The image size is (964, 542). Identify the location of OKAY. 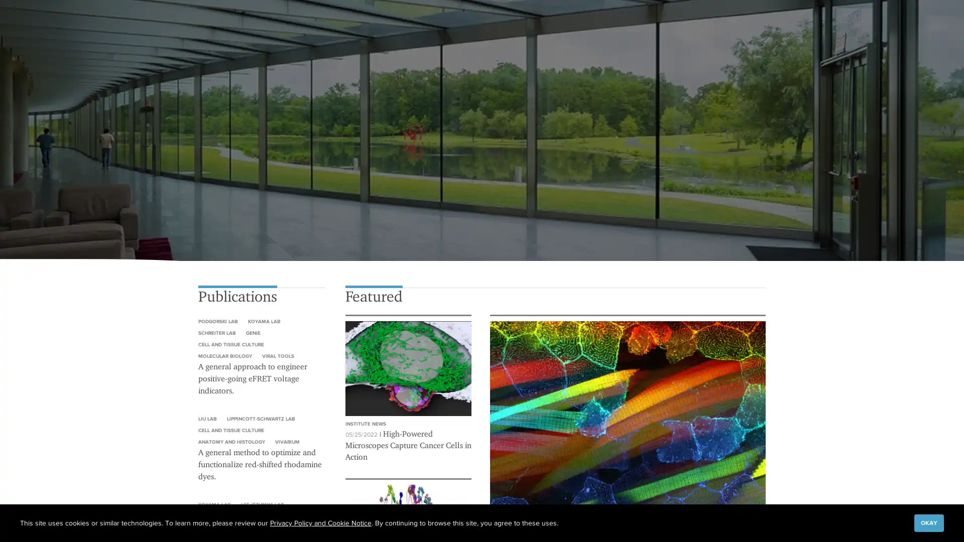
(928, 522).